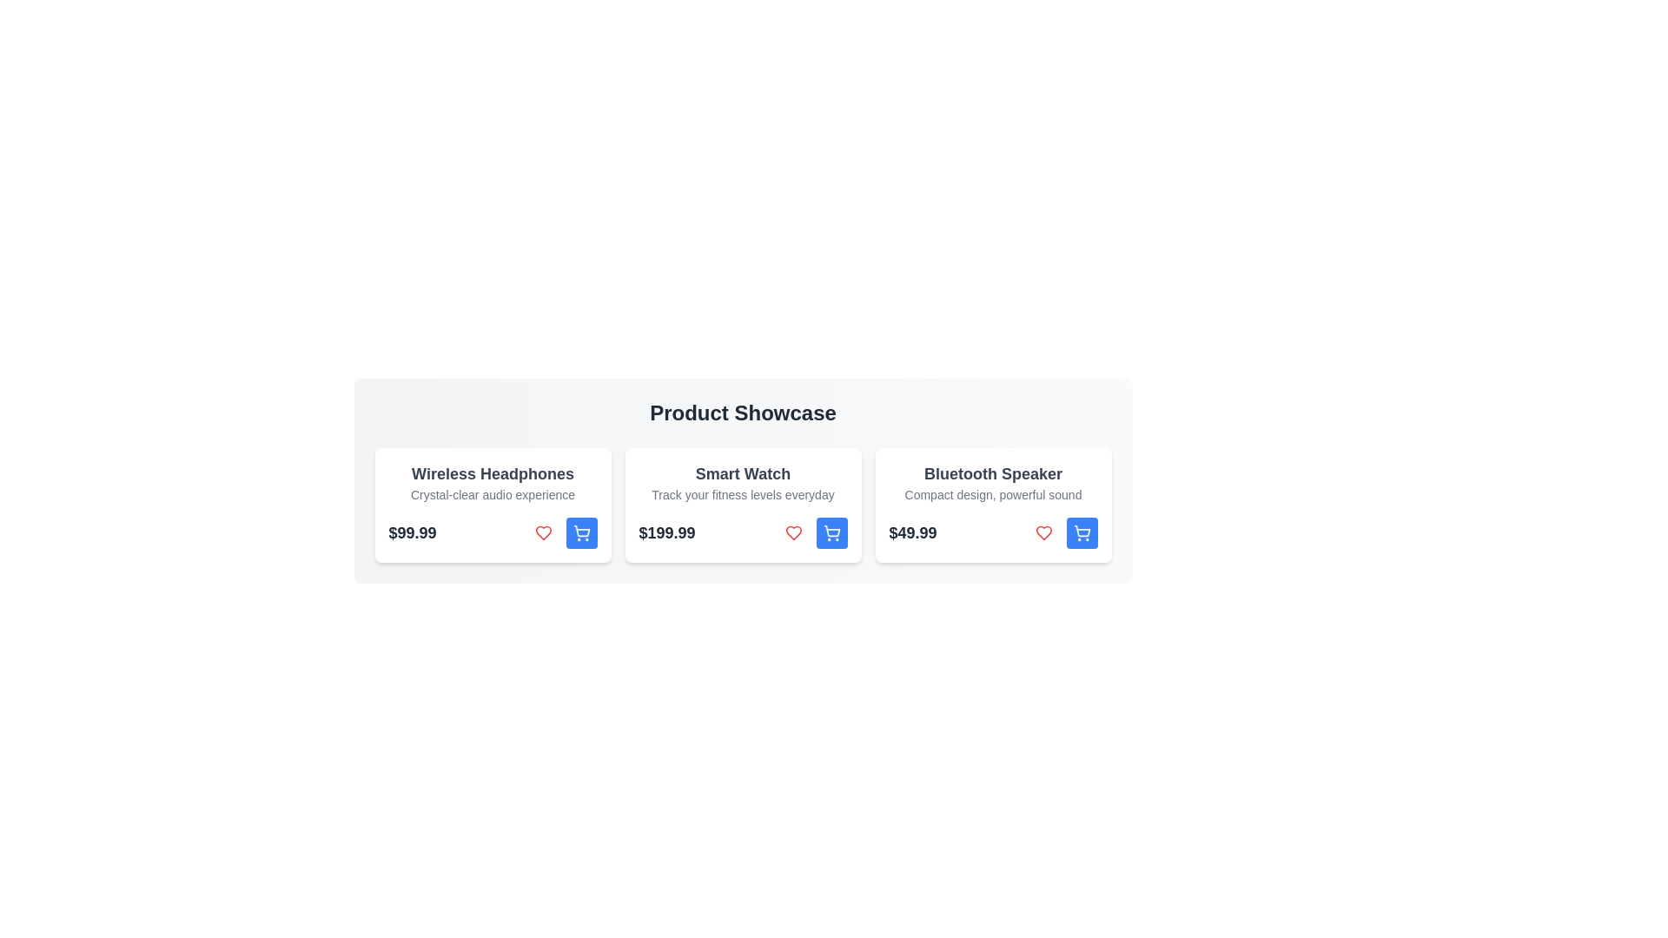 Image resolution: width=1668 pixels, height=938 pixels. Describe the element at coordinates (831, 532) in the screenshot. I see `add-to-cart button for the product Smart Watch` at that location.